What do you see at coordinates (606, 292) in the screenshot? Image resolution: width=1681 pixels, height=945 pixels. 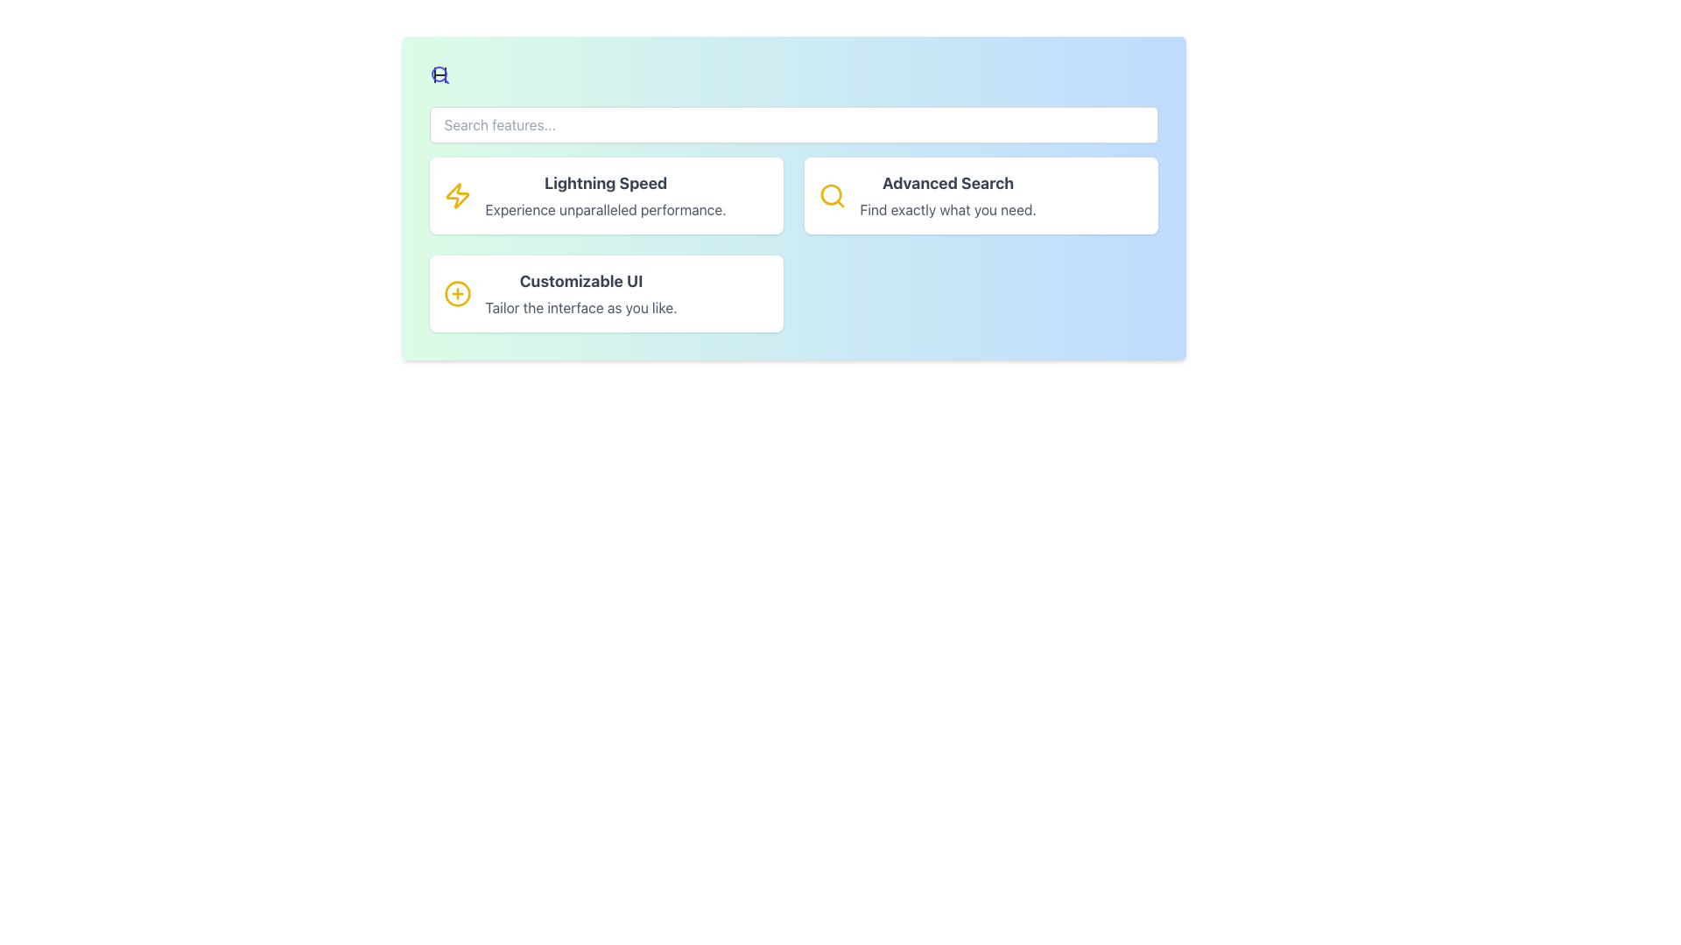 I see `the third information card in the grid layout that highlights the customizable user interface feature, located in the bottom-left quadrant of the grid` at bounding box center [606, 292].